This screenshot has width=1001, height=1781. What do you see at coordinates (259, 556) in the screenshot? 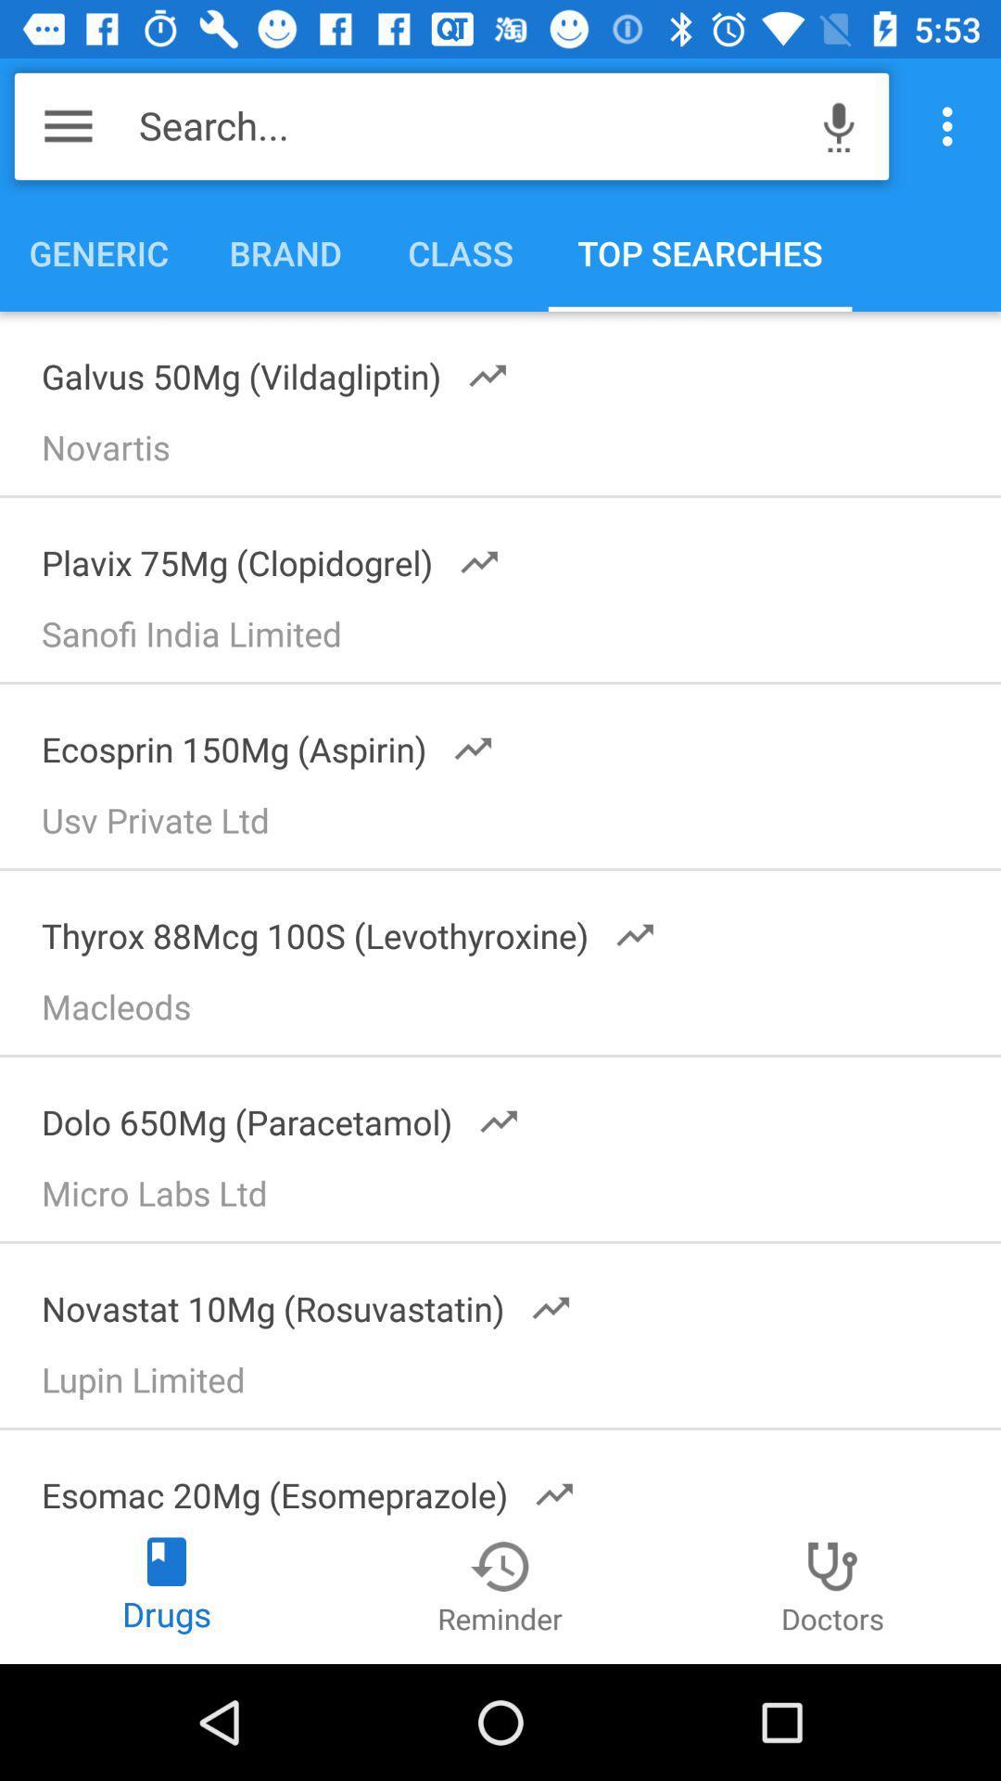
I see `the plavix 75mg (clopidogrel) icon` at bounding box center [259, 556].